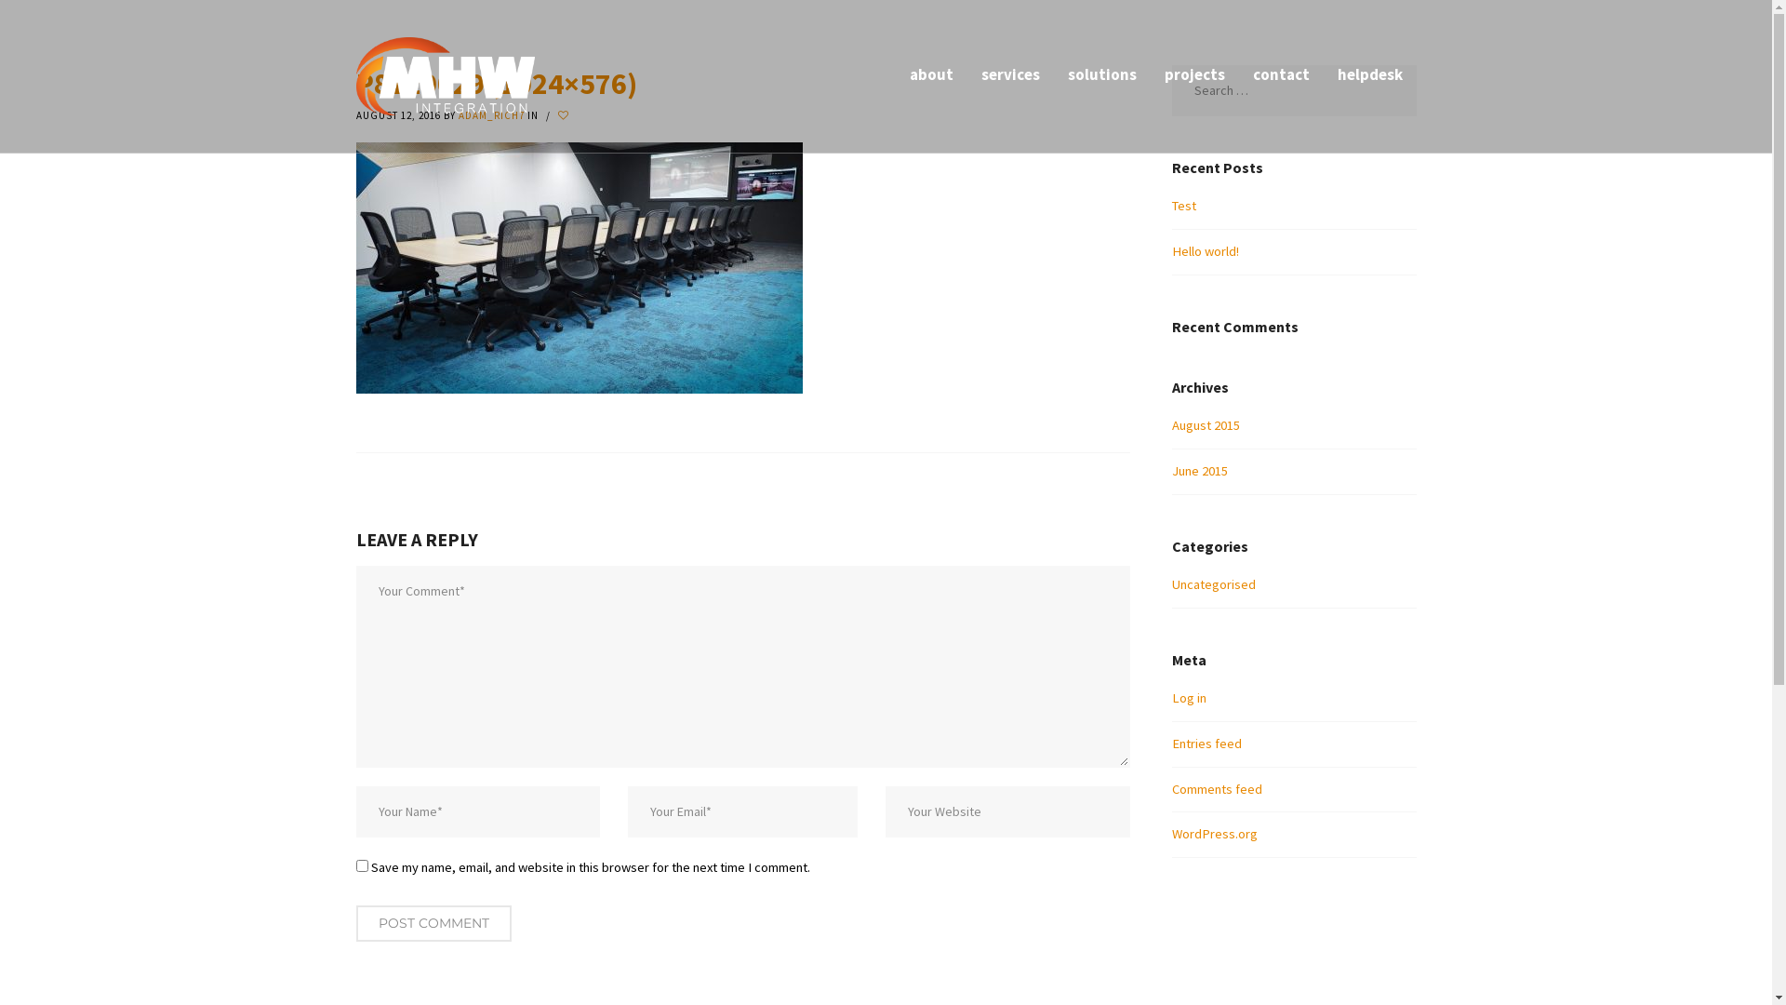 This screenshot has width=1786, height=1005. Describe the element at coordinates (432, 923) in the screenshot. I see `'Post Comment'` at that location.